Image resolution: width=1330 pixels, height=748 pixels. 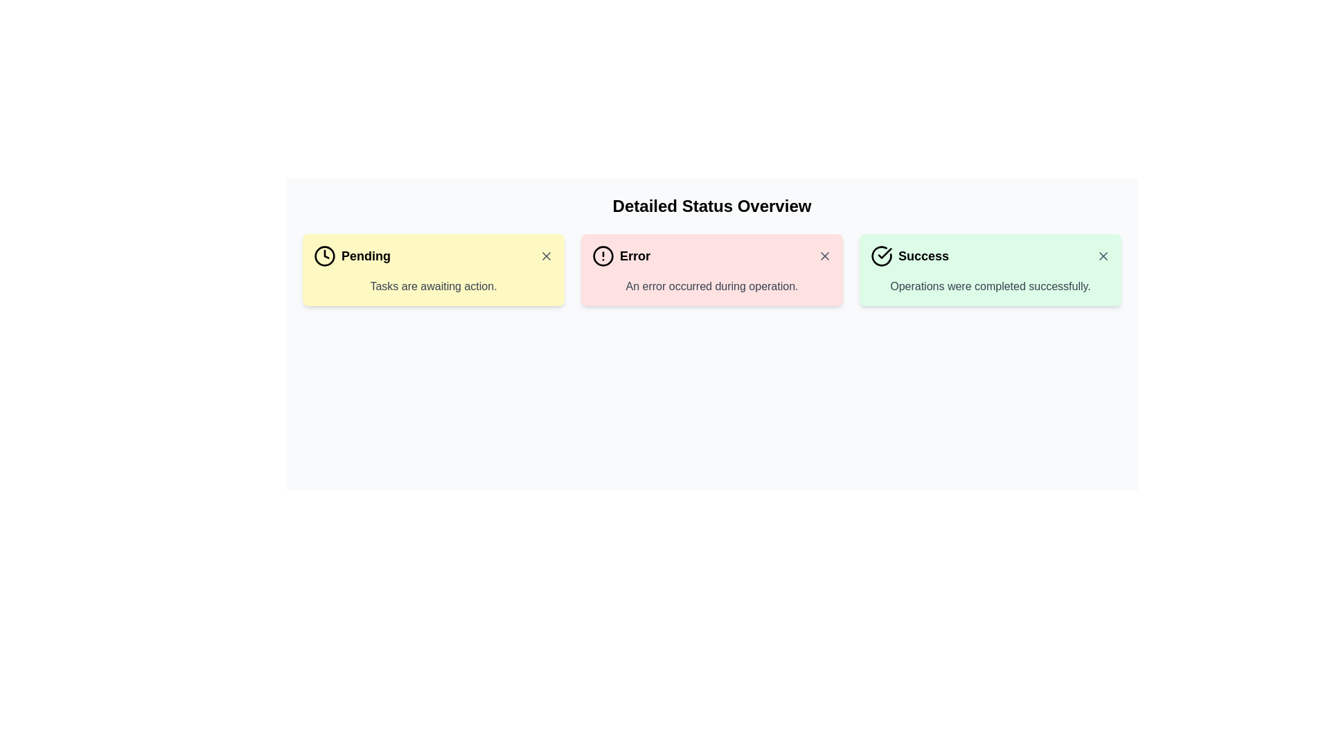 I want to click on the Status indicator labeled 'Success', which features a bold text label and a circled checkmark icon, indicating a successful status, so click(x=910, y=256).